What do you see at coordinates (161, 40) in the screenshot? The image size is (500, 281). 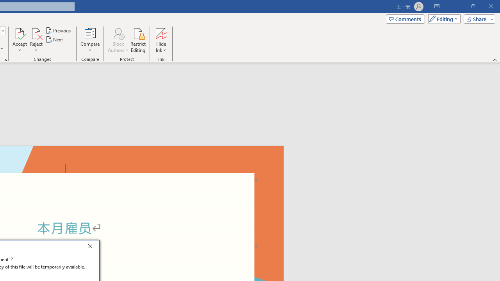 I see `'Hide Ink'` at bounding box center [161, 40].